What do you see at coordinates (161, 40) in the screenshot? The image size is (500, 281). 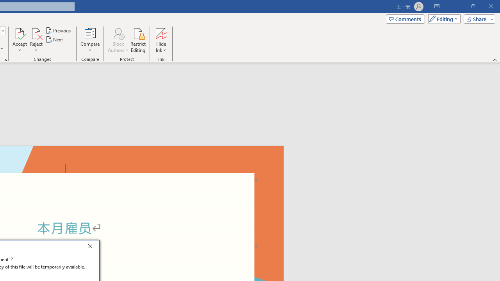 I see `'Hide Ink'` at bounding box center [161, 40].